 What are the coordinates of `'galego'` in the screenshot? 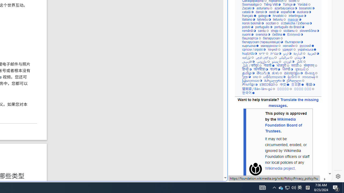 It's located at (264, 16).